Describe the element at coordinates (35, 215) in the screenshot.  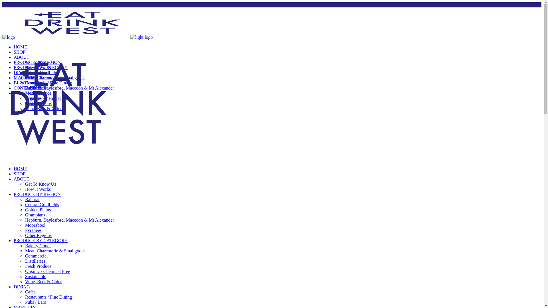
I see `'Grampians'` at that location.